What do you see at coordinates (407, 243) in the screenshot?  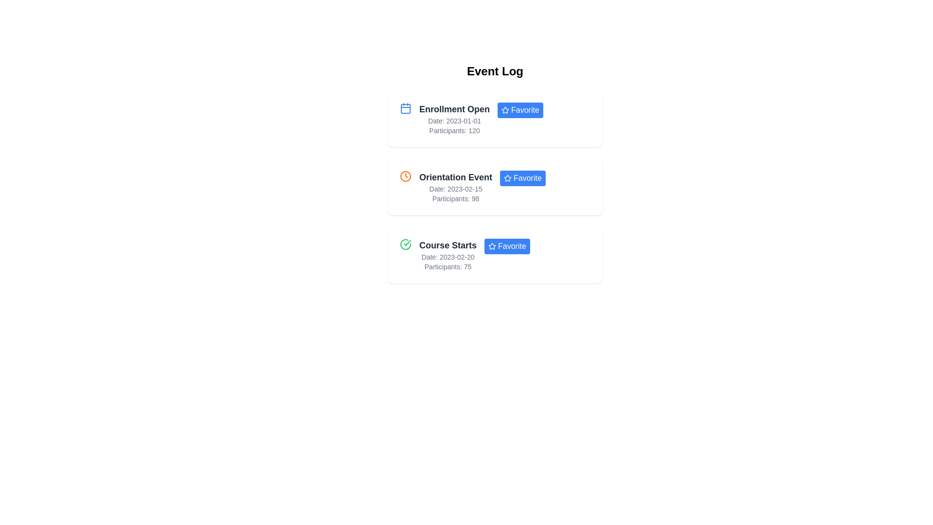 I see `the green checkmark icon located within the third event block labeled 'Course Starts' to indicate success or completion, if it is interactive` at bounding box center [407, 243].